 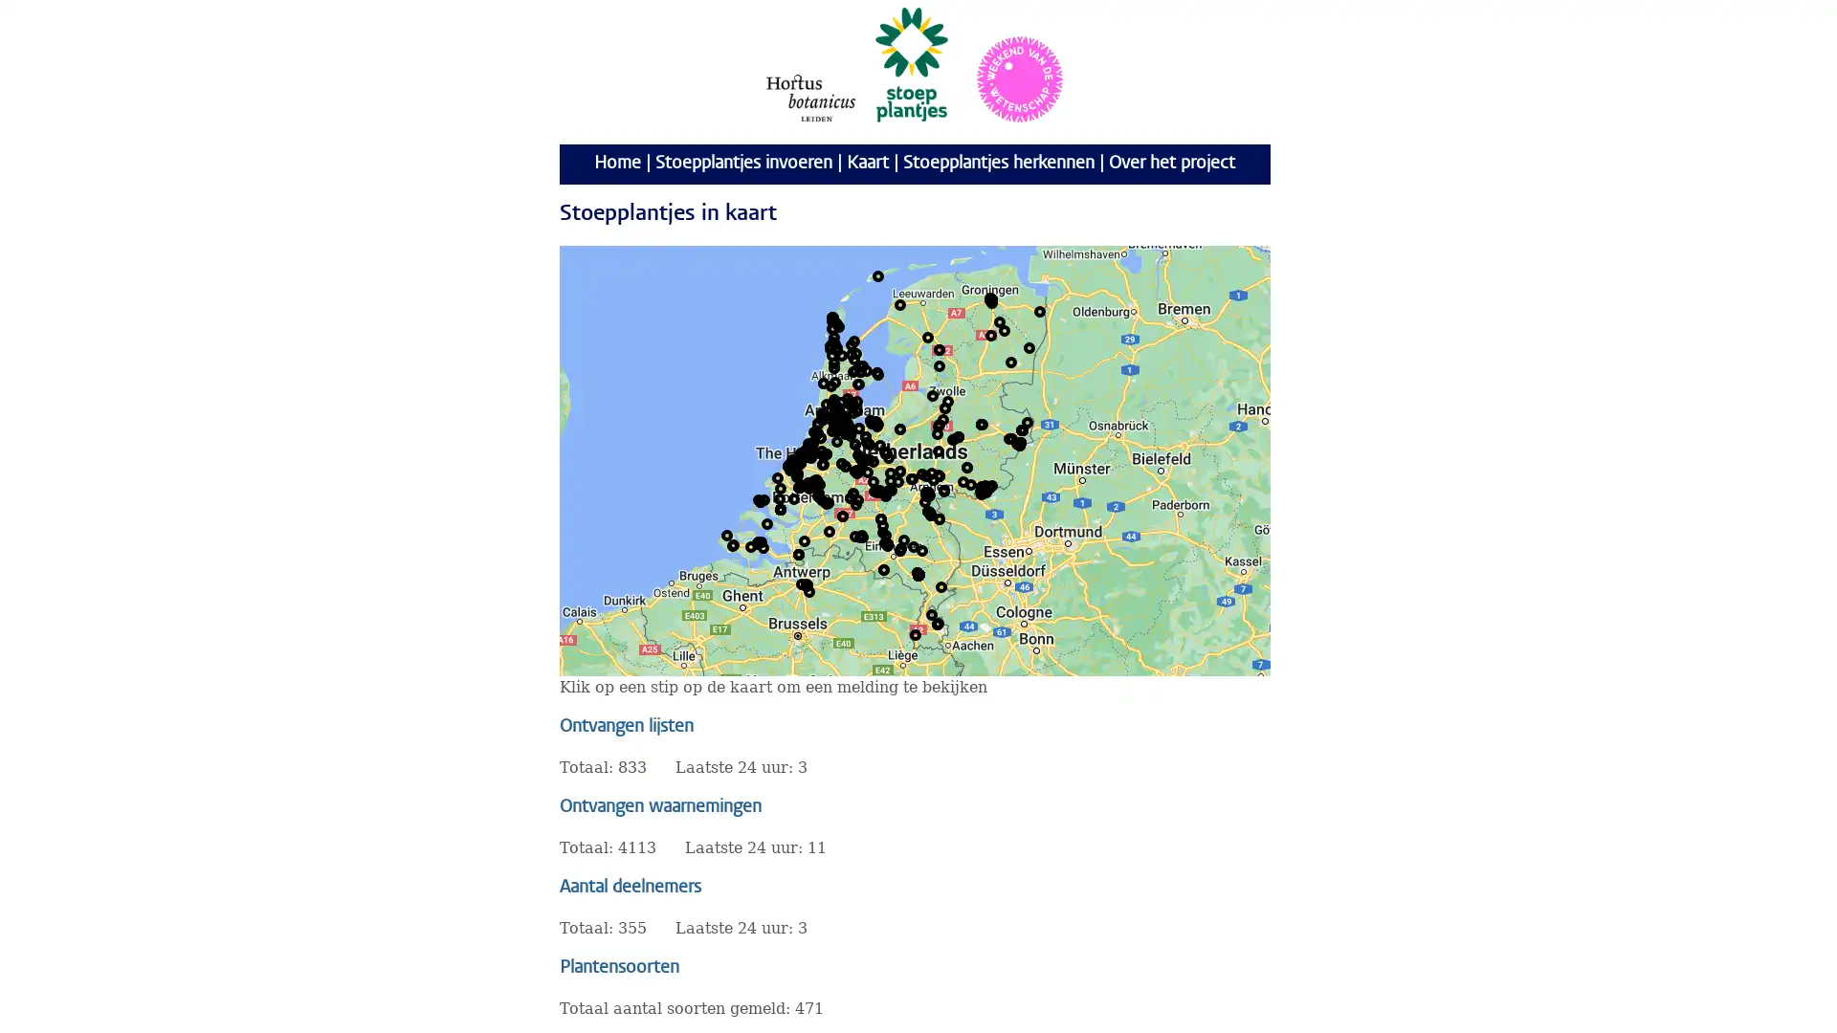 What do you see at coordinates (840, 415) in the screenshot?
I see `Telling van op 15 mei 2022` at bounding box center [840, 415].